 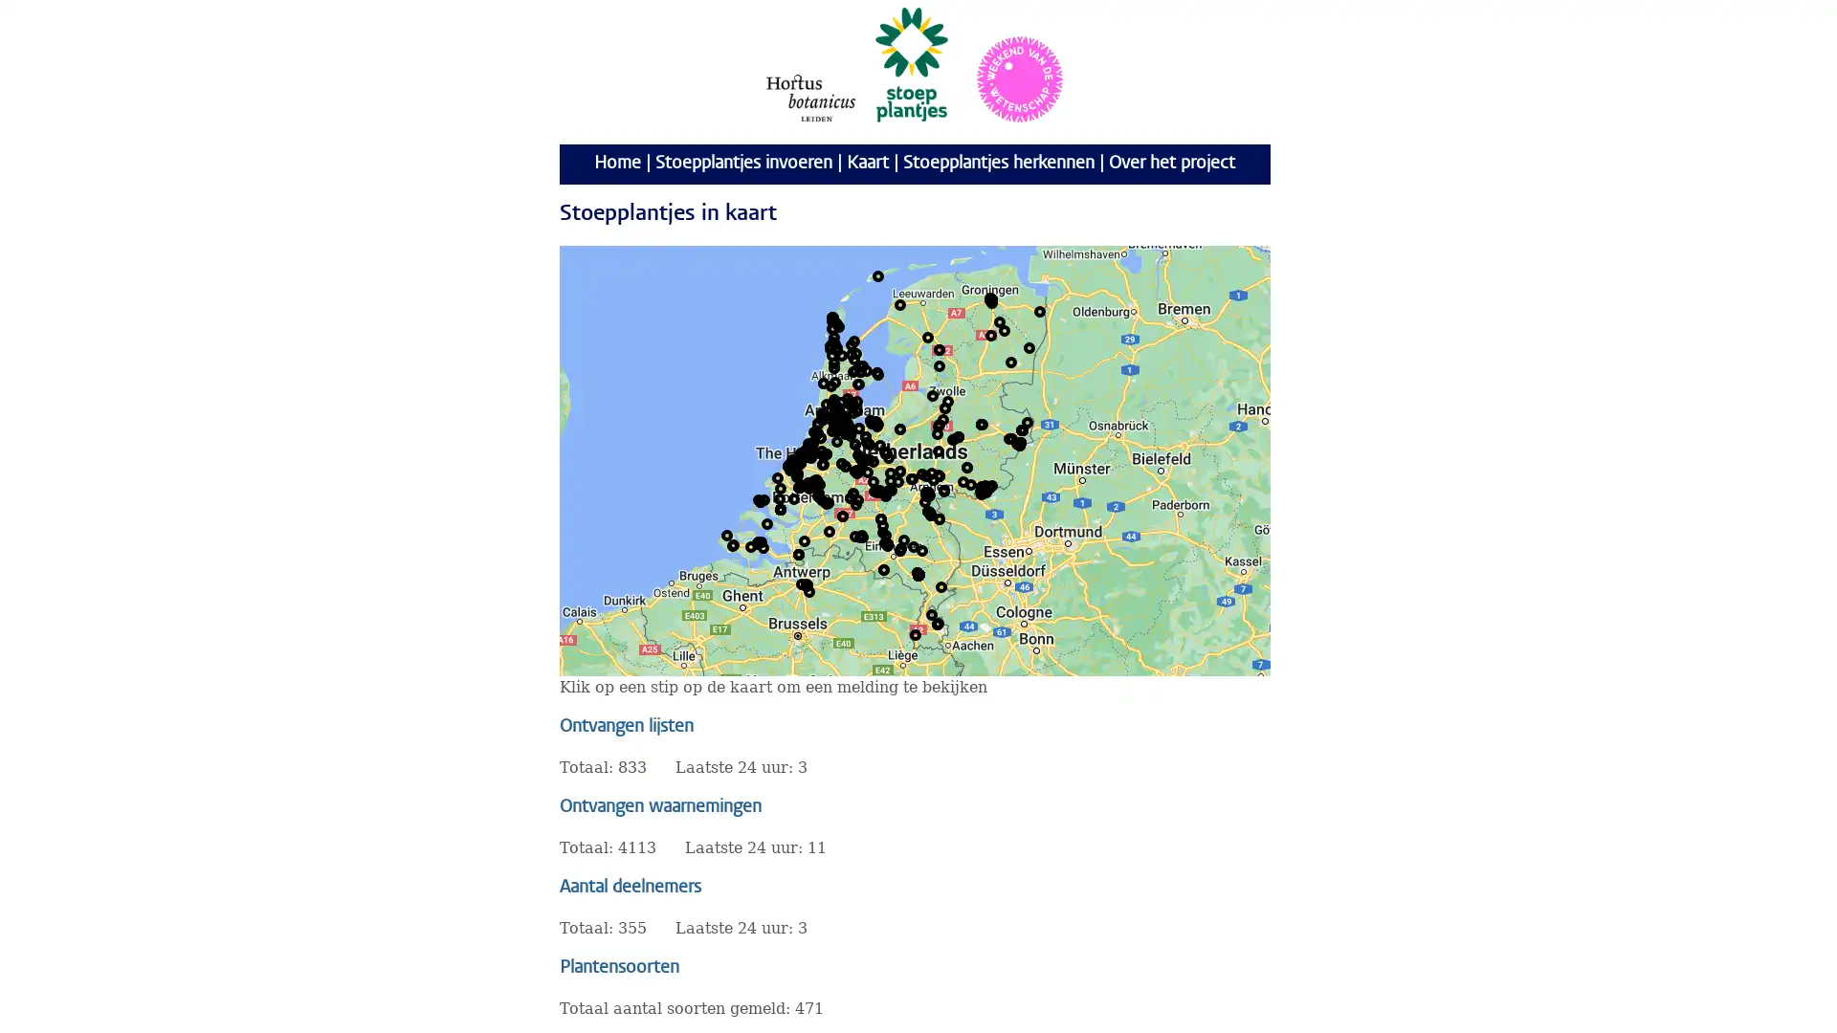 What do you see at coordinates (840, 415) in the screenshot?
I see `Telling van op 15 mei 2022` at bounding box center [840, 415].